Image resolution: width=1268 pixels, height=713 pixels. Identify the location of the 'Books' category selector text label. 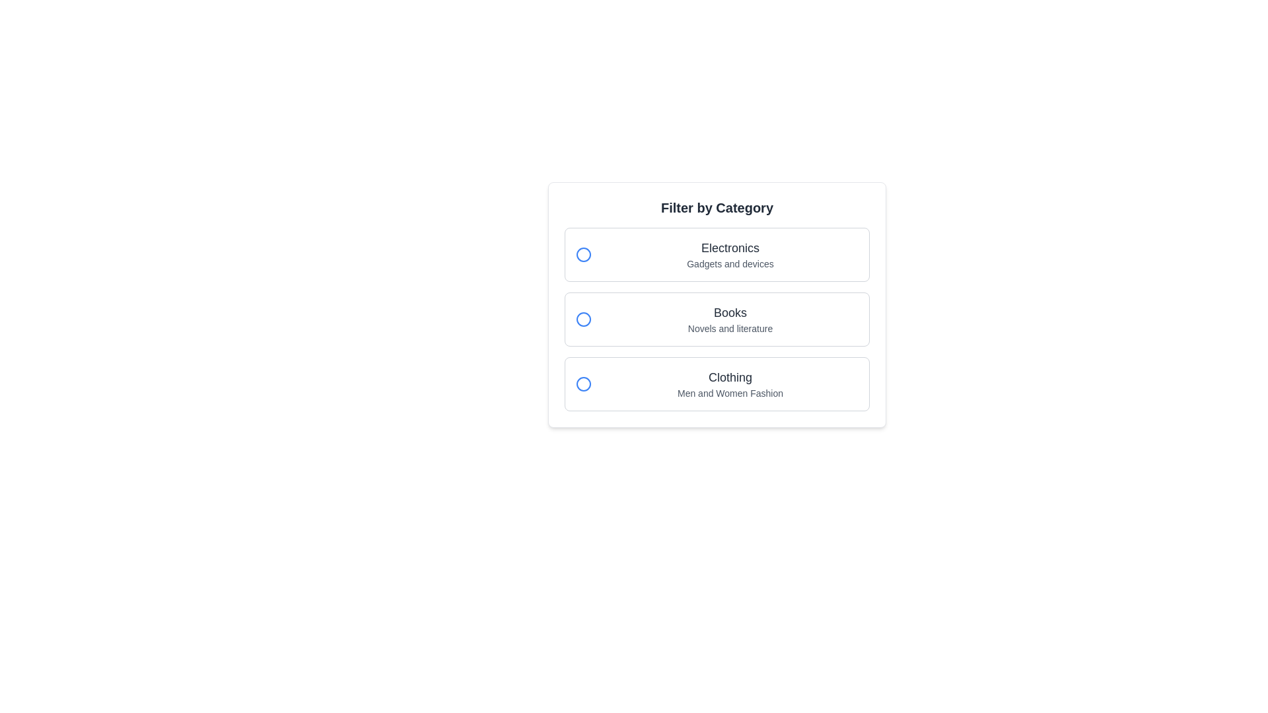
(729, 319).